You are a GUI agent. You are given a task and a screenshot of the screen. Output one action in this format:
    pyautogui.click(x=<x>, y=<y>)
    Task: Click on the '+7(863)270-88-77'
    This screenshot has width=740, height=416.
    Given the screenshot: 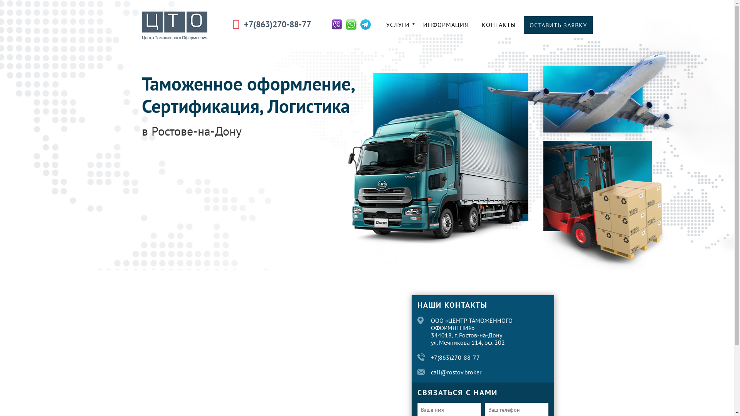 What is the action you would take?
    pyautogui.click(x=277, y=23)
    